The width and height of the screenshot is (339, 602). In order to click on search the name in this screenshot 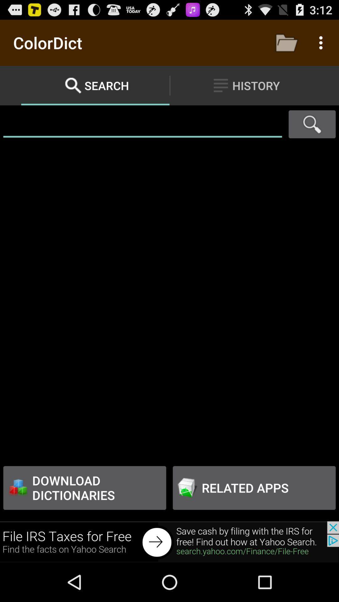, I will do `click(143, 124)`.